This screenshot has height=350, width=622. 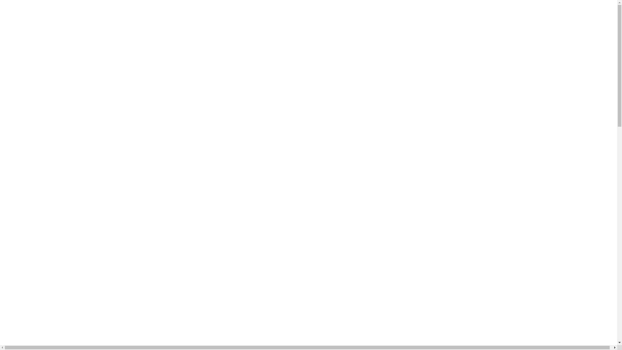 I want to click on 'to Top', so click(x=3, y=216).